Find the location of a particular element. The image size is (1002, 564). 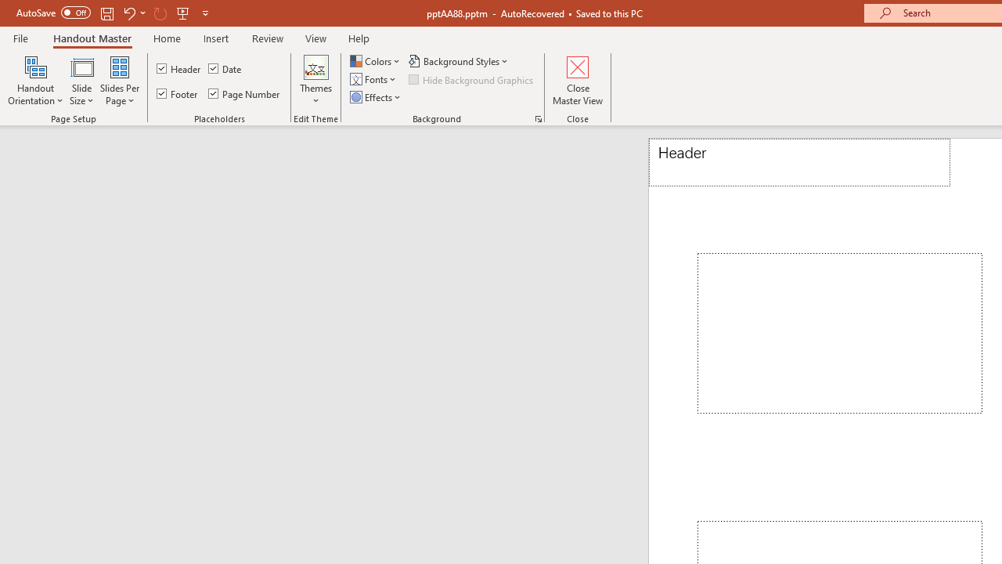

'Colors' is located at coordinates (377, 60).